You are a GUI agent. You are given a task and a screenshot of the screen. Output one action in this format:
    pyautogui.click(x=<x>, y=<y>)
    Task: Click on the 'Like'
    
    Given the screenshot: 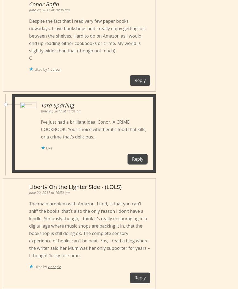 What is the action you would take?
    pyautogui.click(x=49, y=148)
    